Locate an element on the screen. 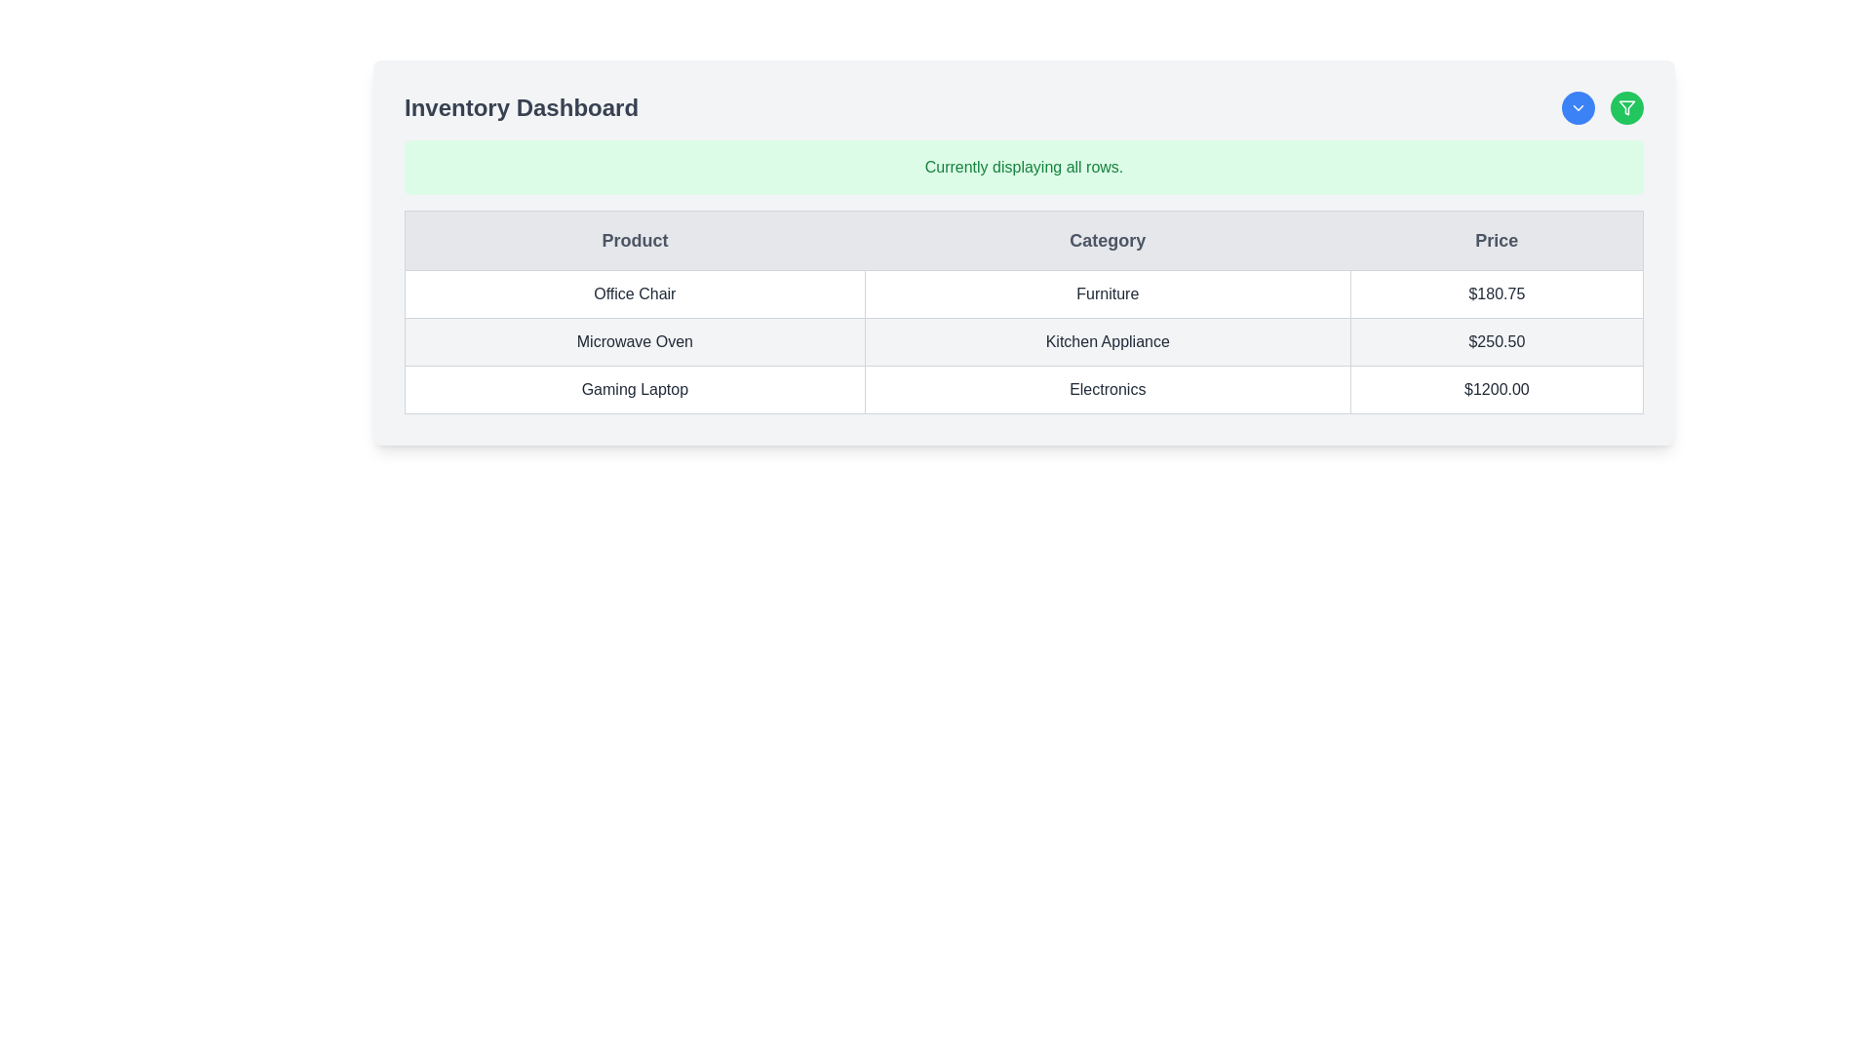  the circular green button with a white filter icon at its center is located at coordinates (1627, 108).